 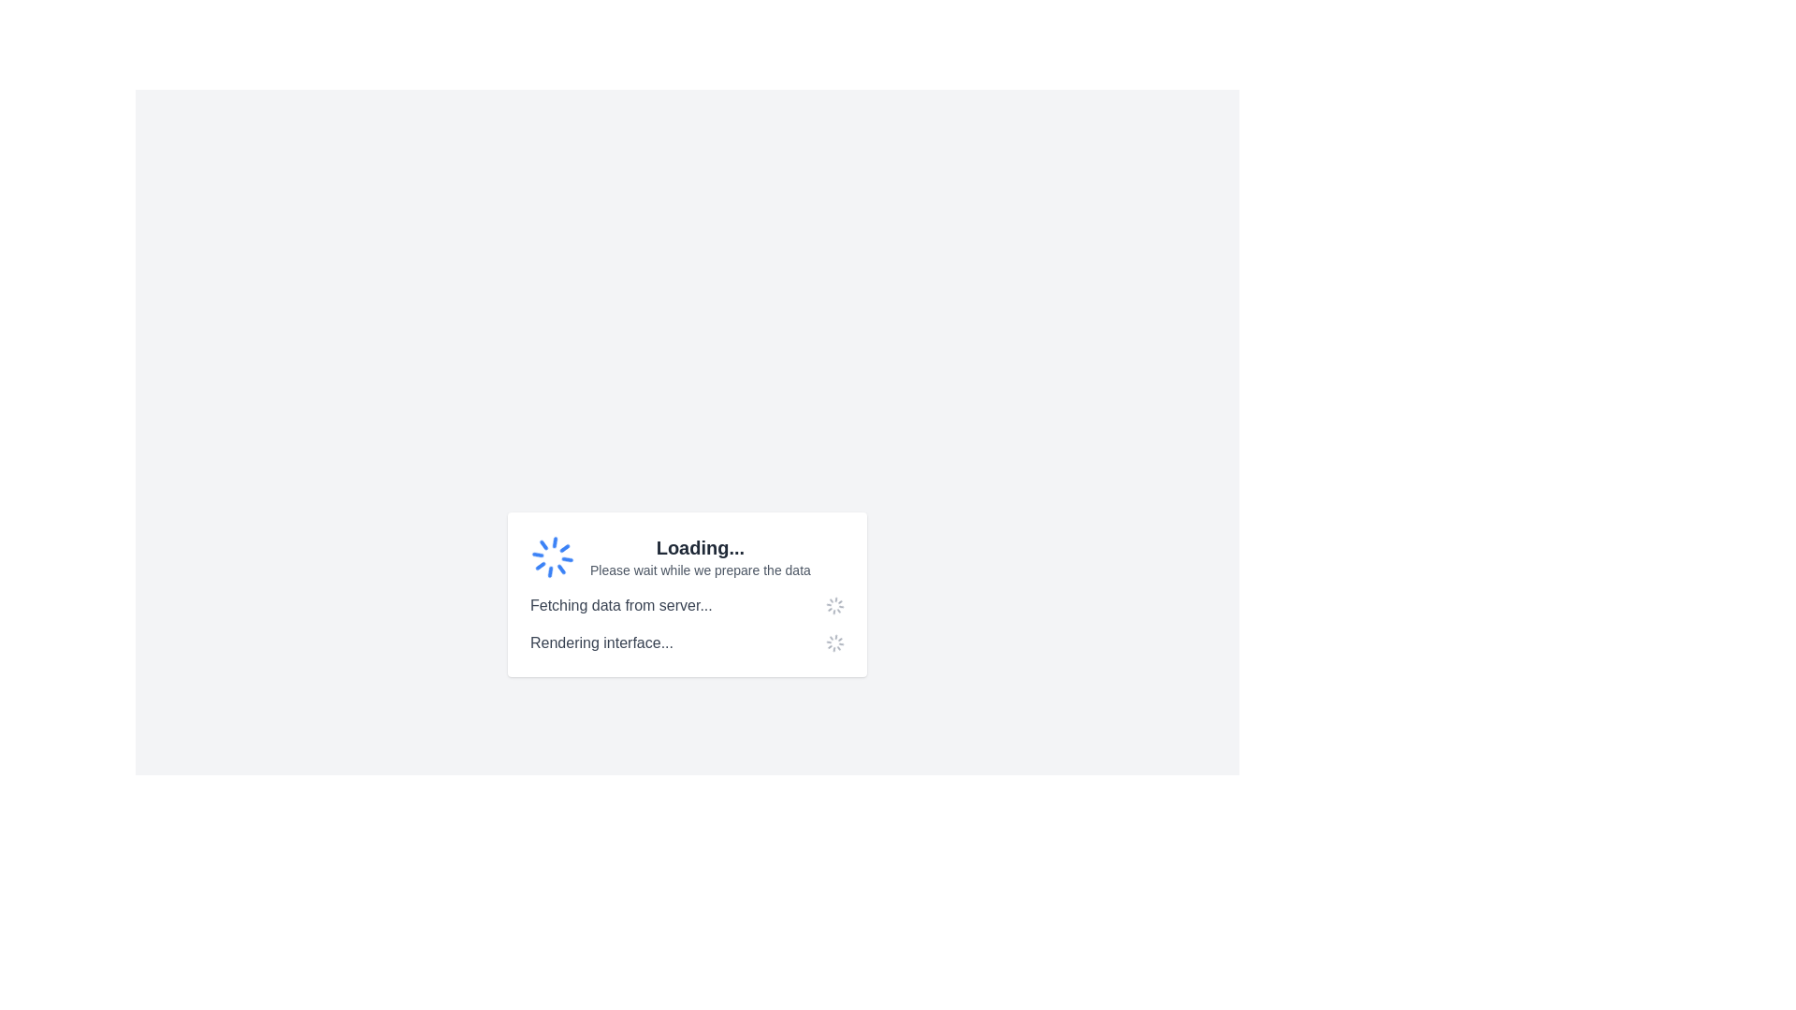 What do you see at coordinates (699, 547) in the screenshot?
I see `the loading status indicator text that notifies users of system processing` at bounding box center [699, 547].